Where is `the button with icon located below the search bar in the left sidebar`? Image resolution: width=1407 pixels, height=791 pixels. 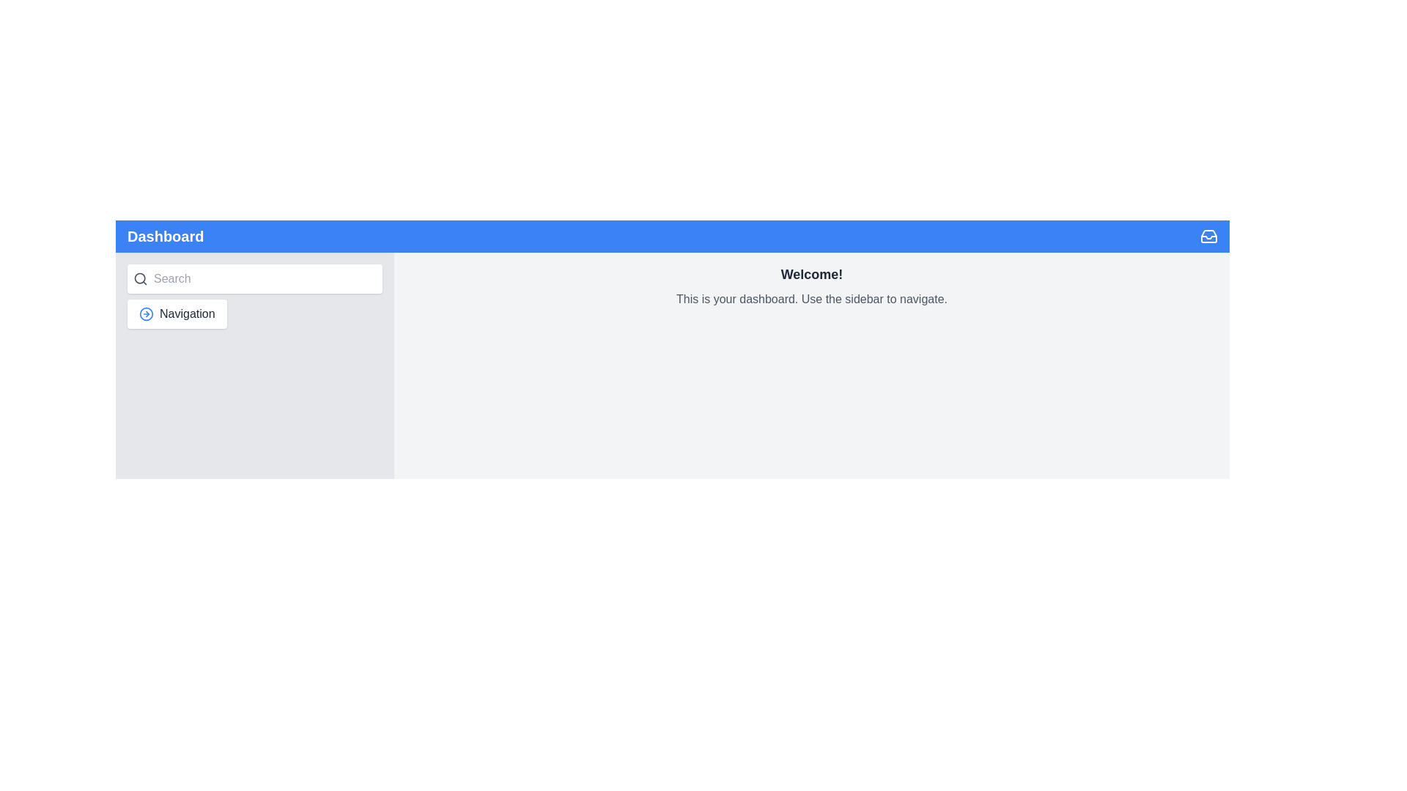 the button with icon located below the search bar in the left sidebar is located at coordinates (176, 313).